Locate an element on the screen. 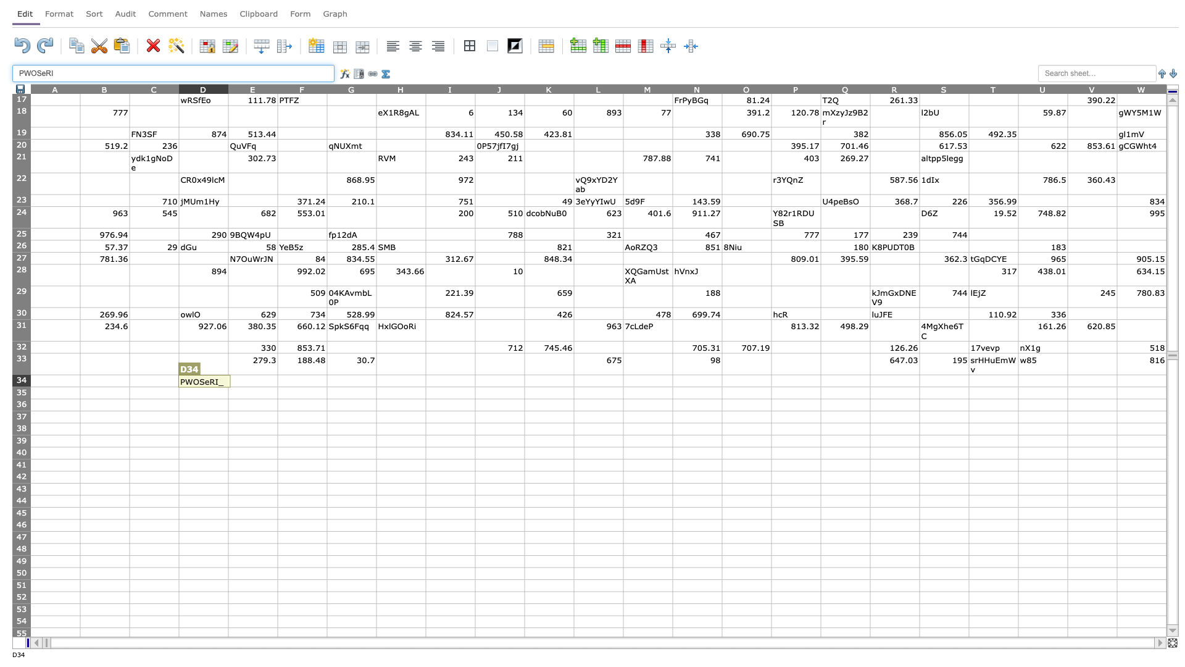 The image size is (1185, 667). Upper left of E50 is located at coordinates (228, 567).